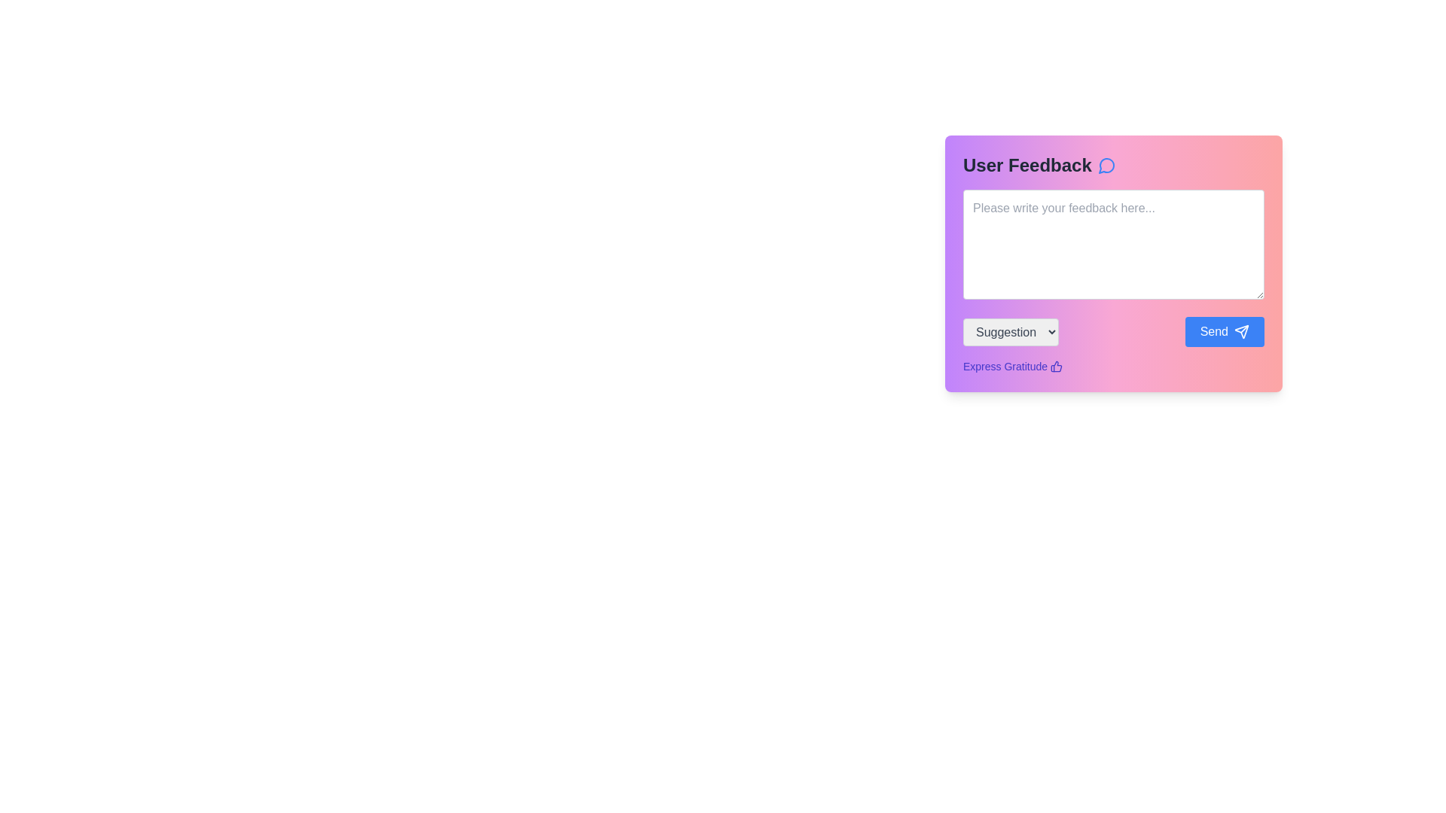 The width and height of the screenshot is (1446, 813). I want to click on the small, wireframe-style 'thumbs-up' icon located to the right of the 'Express Gratitude' text at the bottom of the feedback form, so click(1056, 366).